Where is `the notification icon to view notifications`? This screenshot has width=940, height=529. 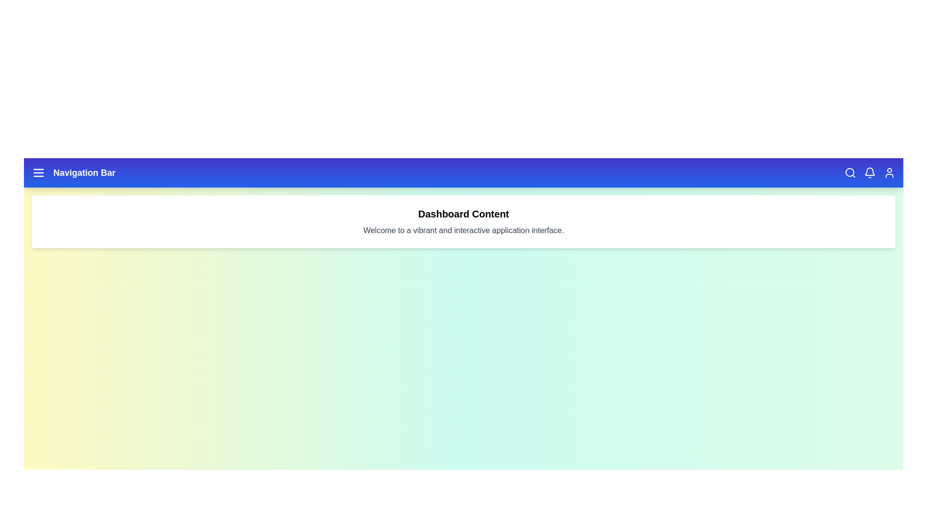 the notification icon to view notifications is located at coordinates (869, 172).